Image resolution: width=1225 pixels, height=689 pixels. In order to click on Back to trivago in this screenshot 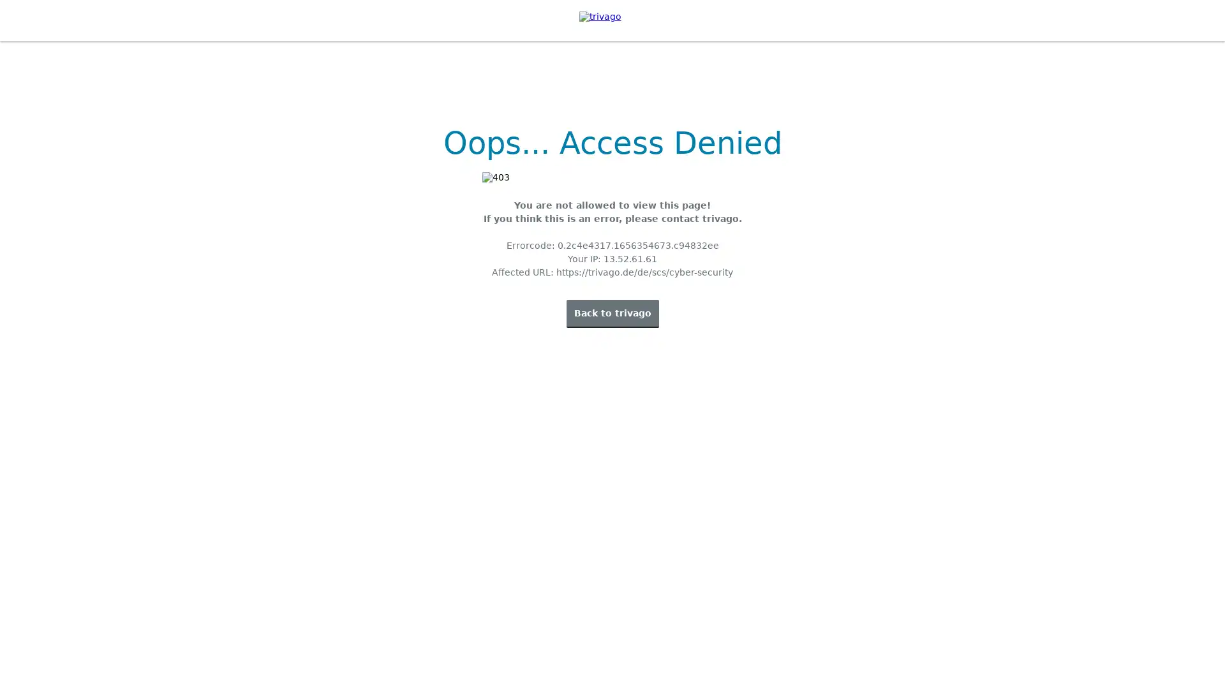, I will do `click(611, 313)`.